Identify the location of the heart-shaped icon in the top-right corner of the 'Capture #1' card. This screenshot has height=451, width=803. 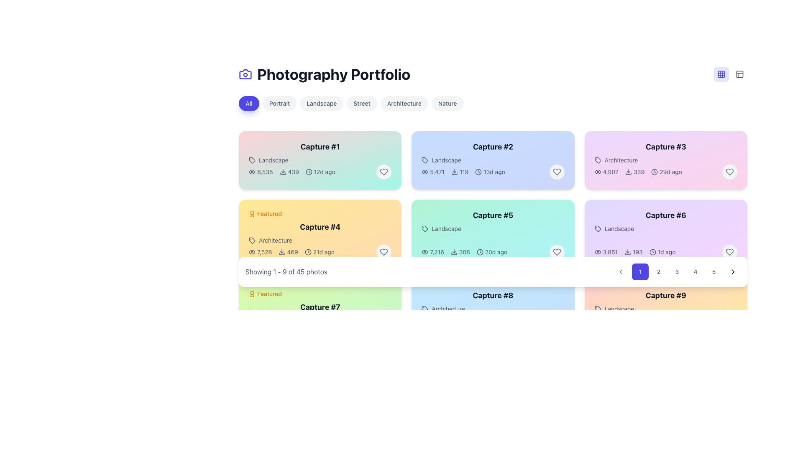
(384, 172).